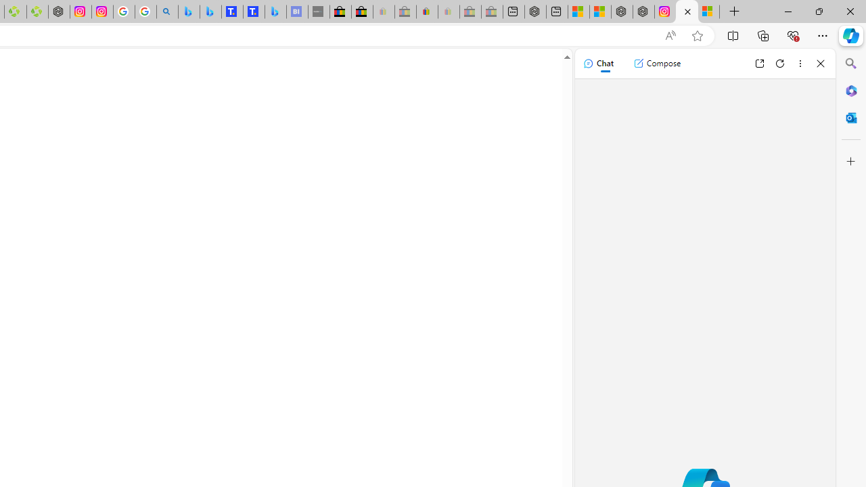  What do you see at coordinates (597, 63) in the screenshot?
I see `'Chat'` at bounding box center [597, 63].